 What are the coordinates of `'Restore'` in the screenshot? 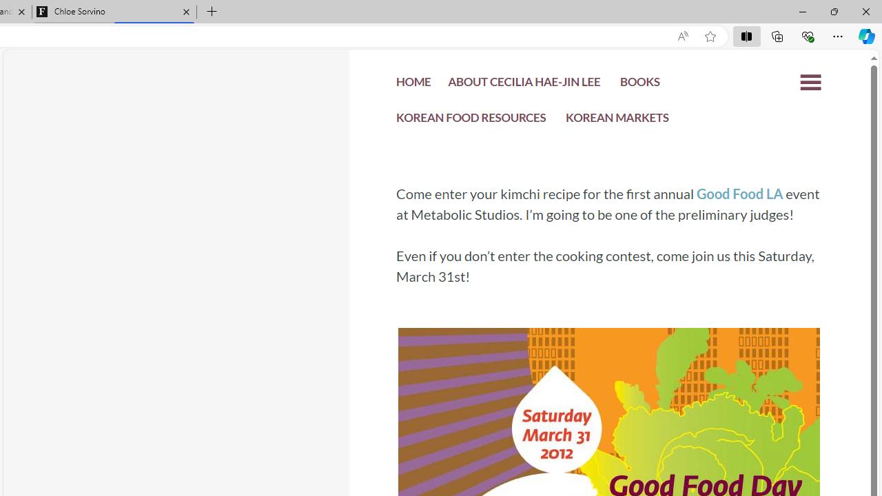 It's located at (833, 11).